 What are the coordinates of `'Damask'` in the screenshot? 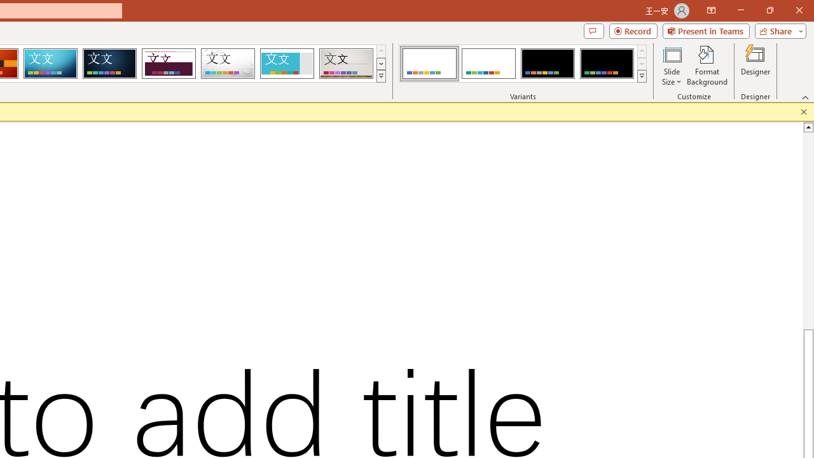 It's located at (109, 64).